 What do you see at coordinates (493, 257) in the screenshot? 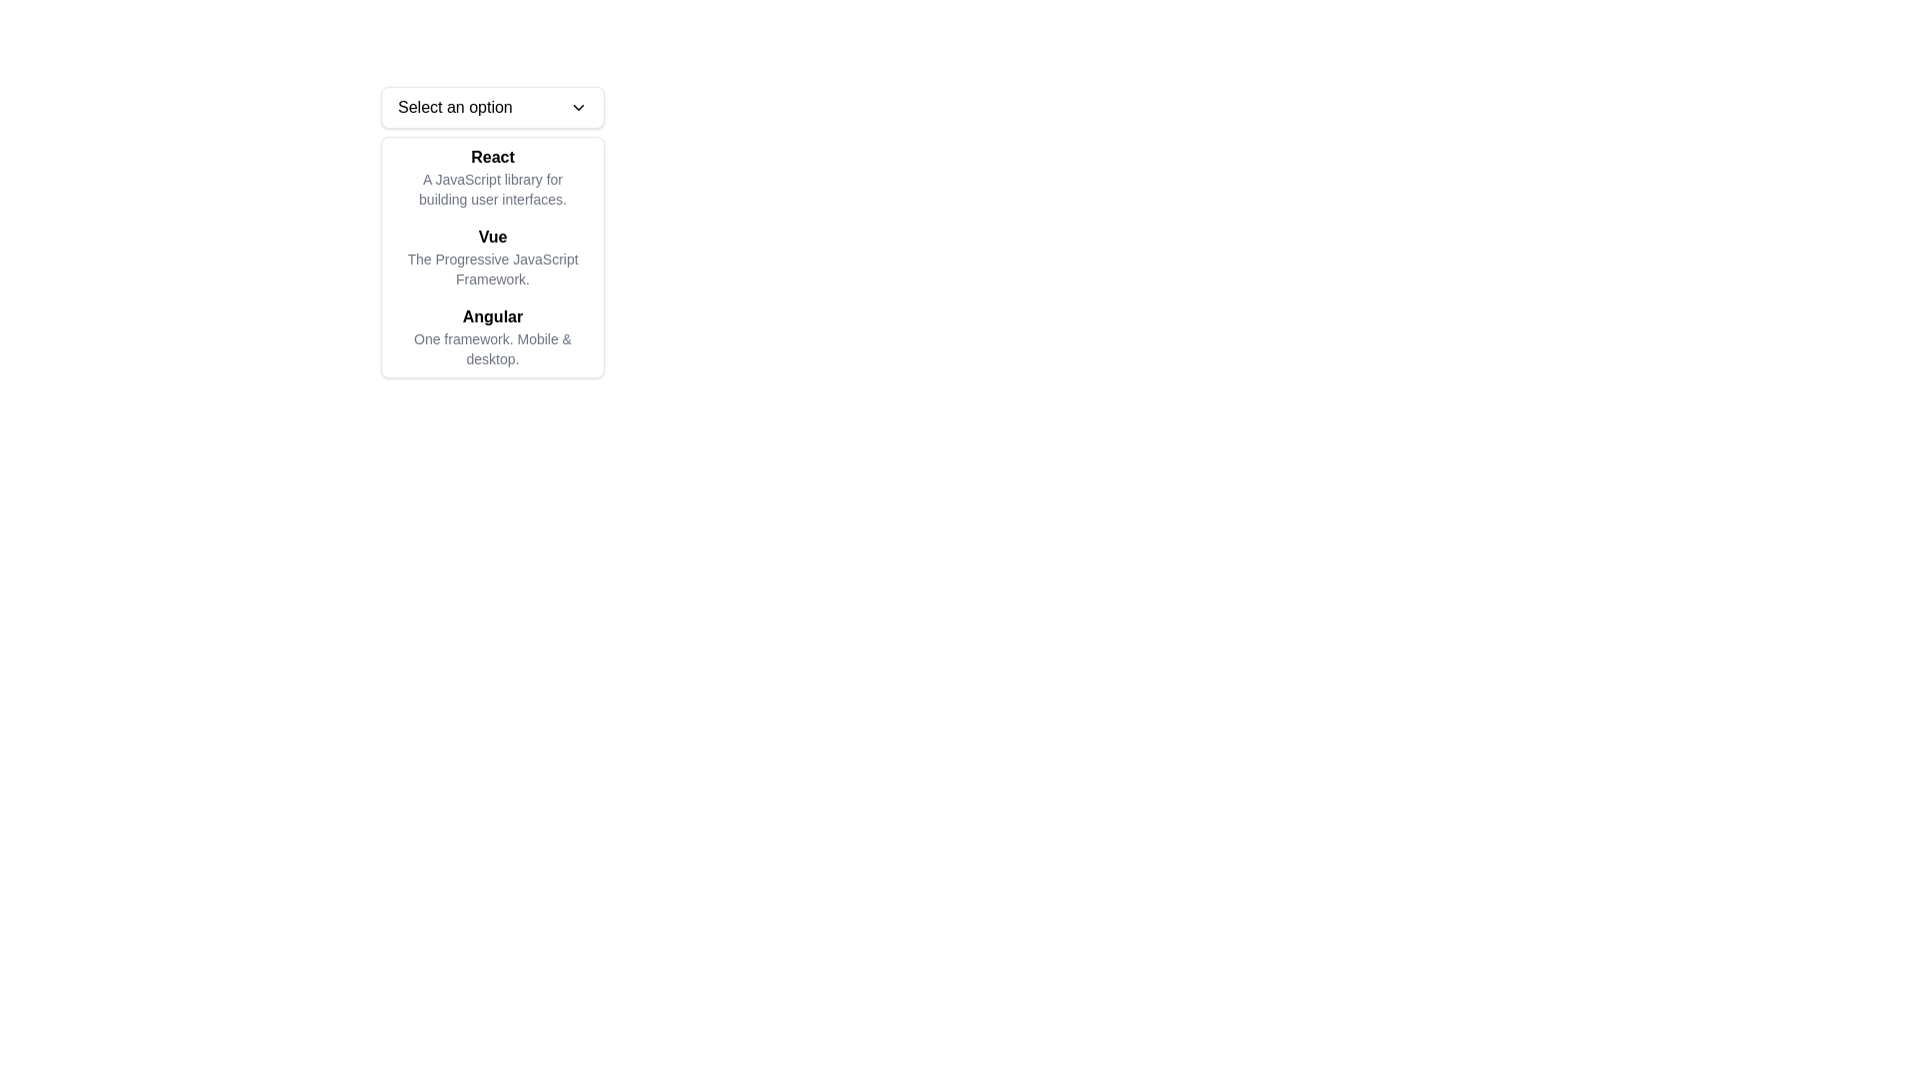
I see `the static text block that displays 'Vue' and describes 'The Progressive JavaScript Framework.'` at bounding box center [493, 257].